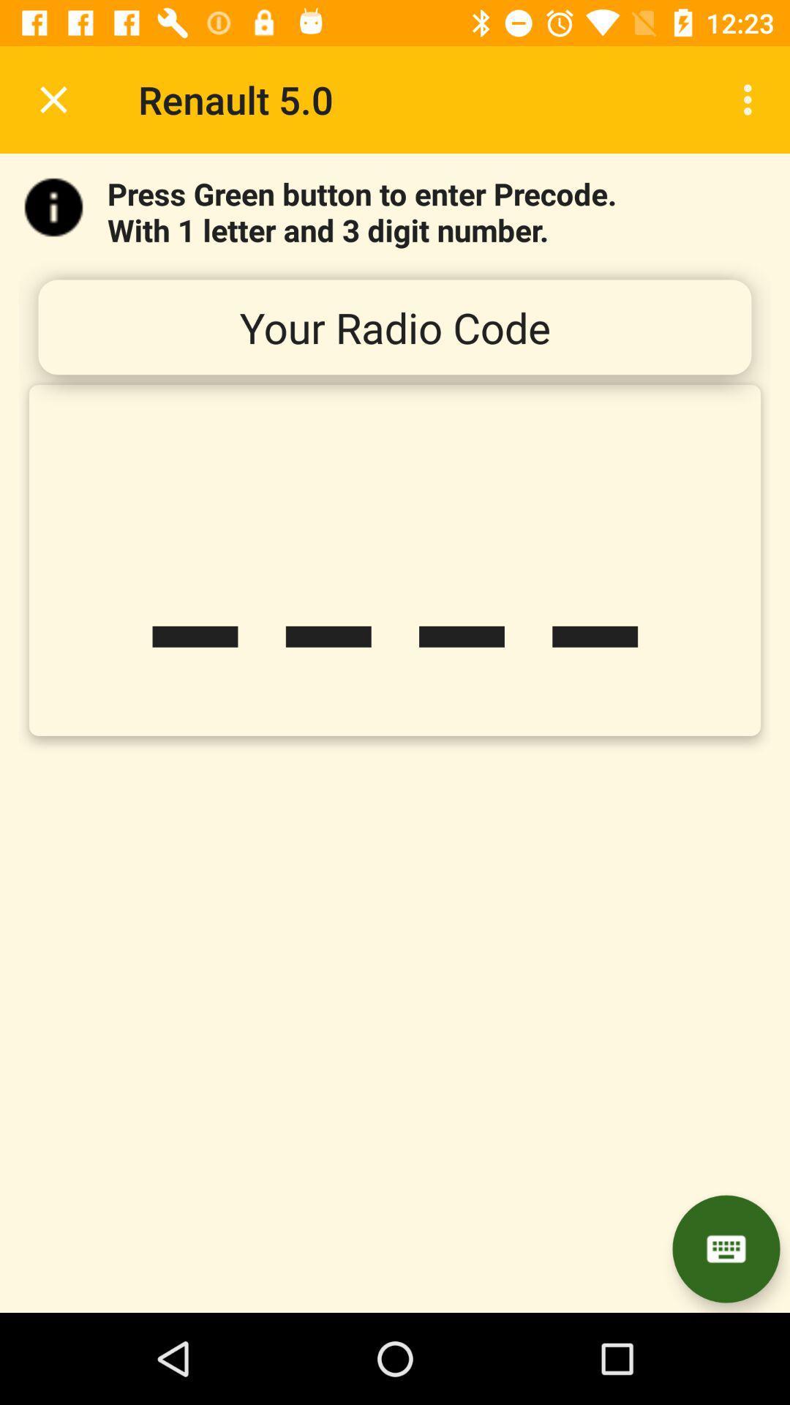 The width and height of the screenshot is (790, 1405). I want to click on press the keyboard option, so click(726, 1248).